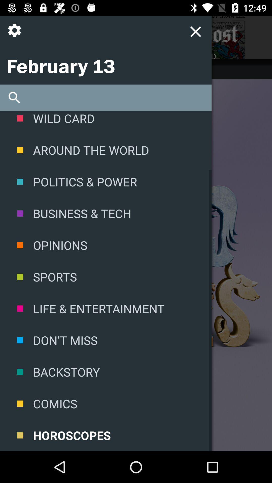 The width and height of the screenshot is (272, 483). Describe the element at coordinates (106, 123) in the screenshot. I see `the wild card item` at that location.